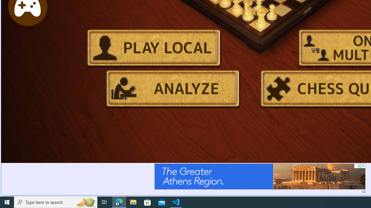  What do you see at coordinates (363, 166) in the screenshot?
I see `'AutomationID: cbb'` at bounding box center [363, 166].